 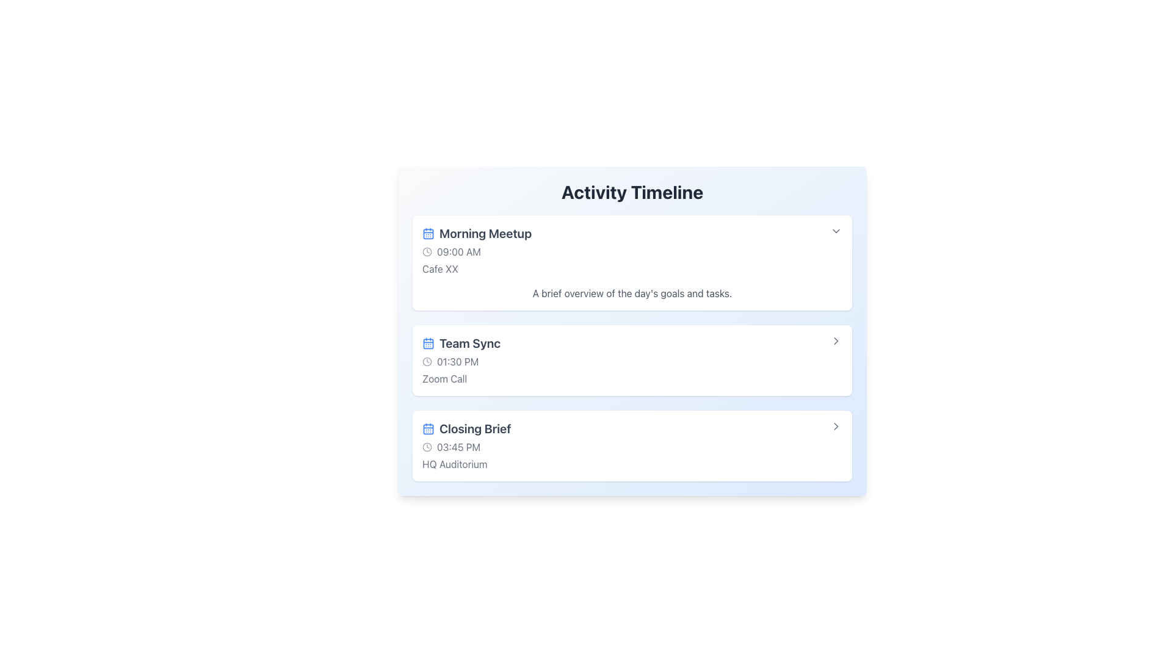 What do you see at coordinates (632, 359) in the screenshot?
I see `the 'Team Sync' list item in the 'Activity Timeline' section` at bounding box center [632, 359].